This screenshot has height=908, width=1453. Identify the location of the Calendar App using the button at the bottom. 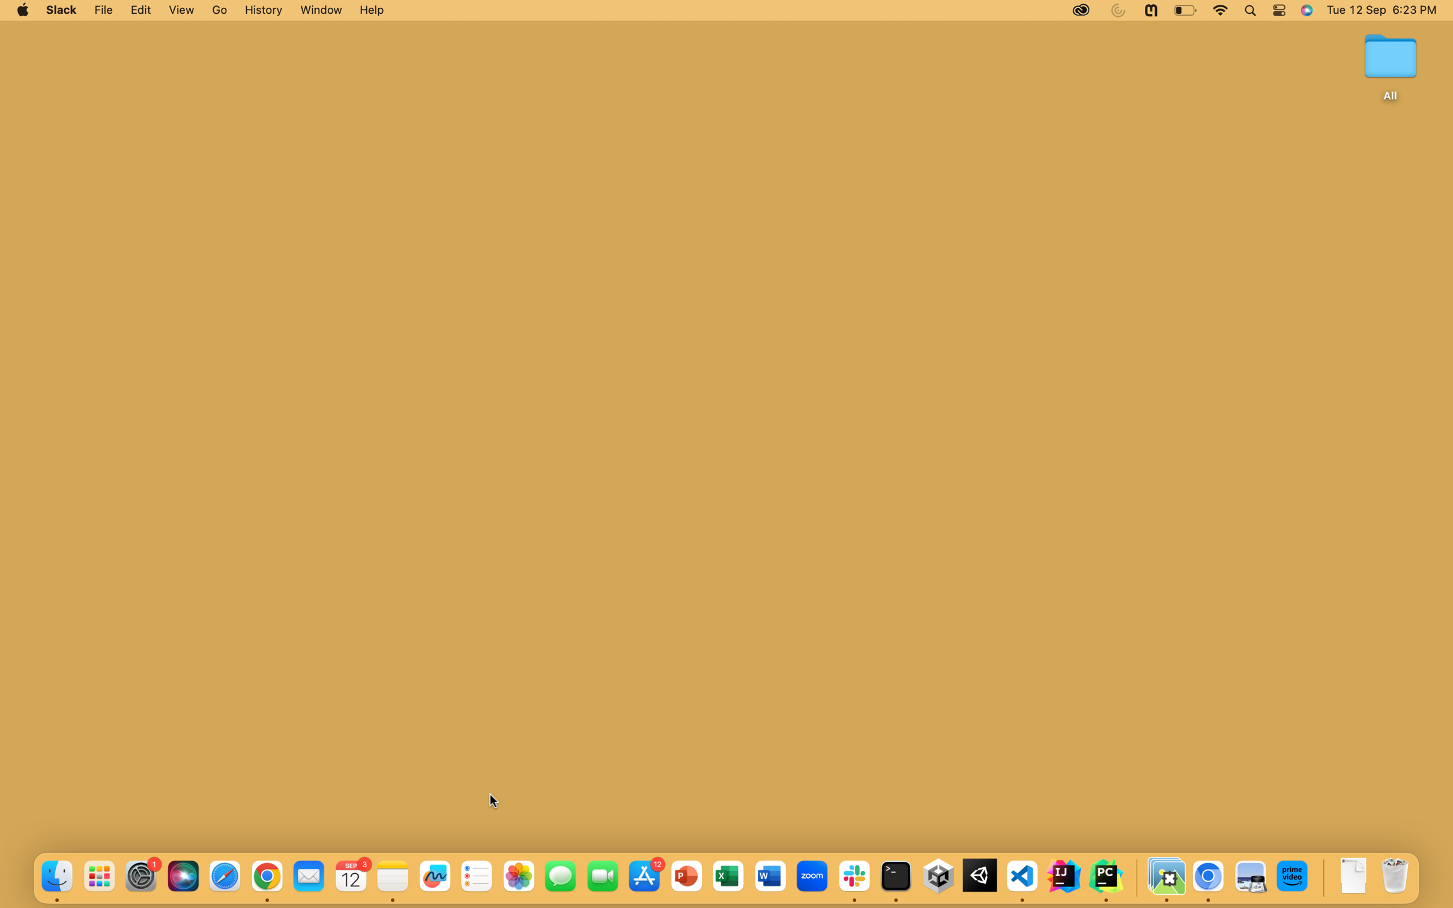
(352, 876).